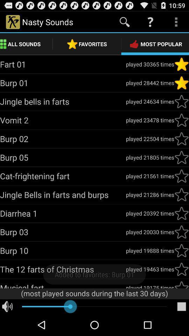 This screenshot has width=189, height=336. Describe the element at coordinates (124, 22) in the screenshot. I see `search icon` at that location.